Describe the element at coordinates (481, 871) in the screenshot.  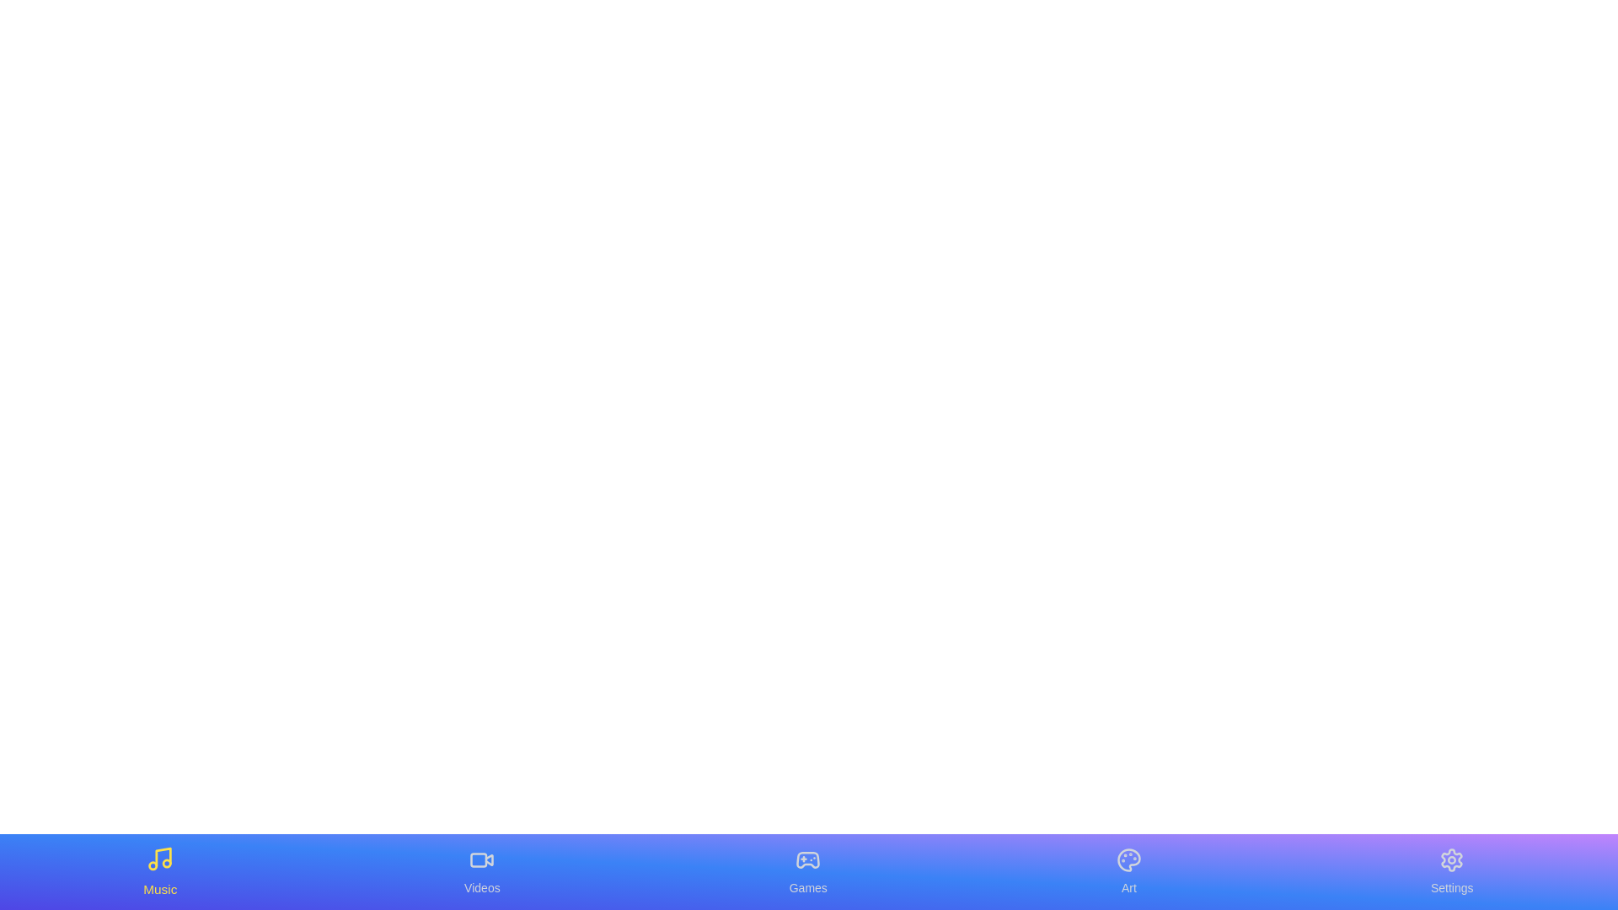
I see `the tab labeled Videos` at that location.